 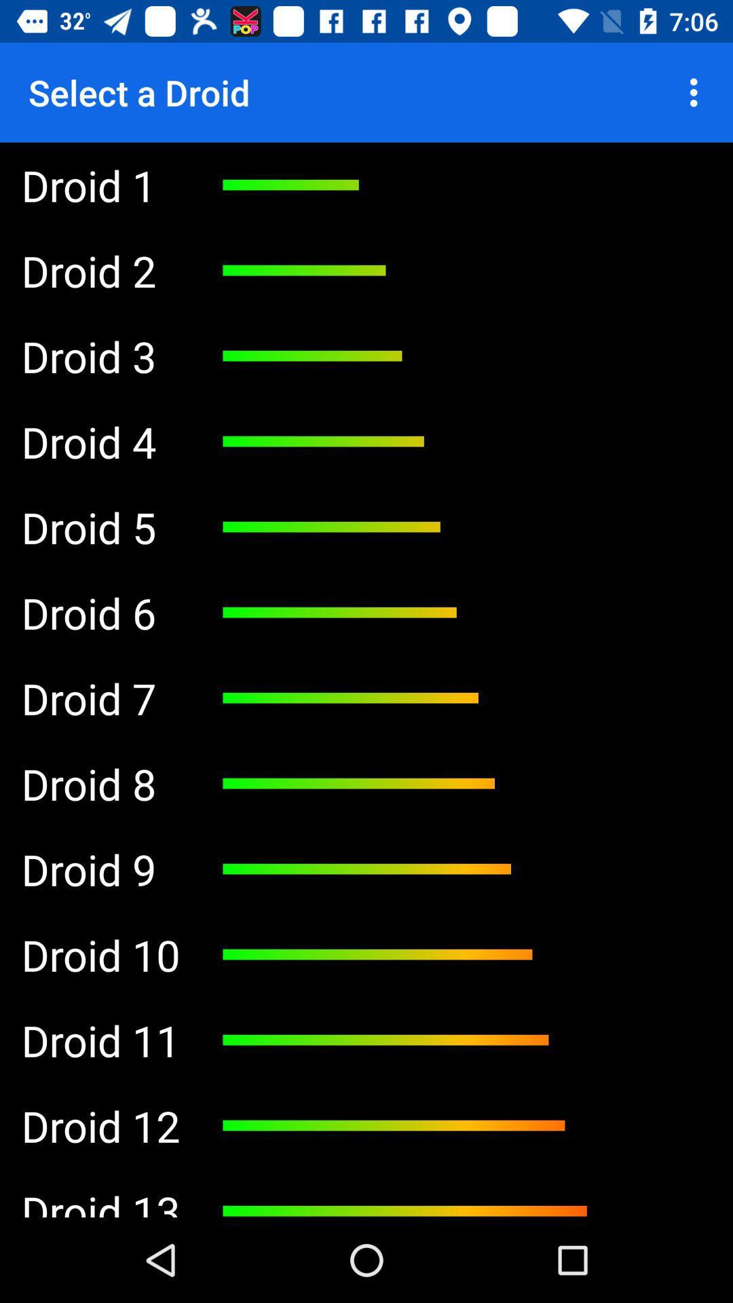 What do you see at coordinates (100, 185) in the screenshot?
I see `the item below select a droid app` at bounding box center [100, 185].